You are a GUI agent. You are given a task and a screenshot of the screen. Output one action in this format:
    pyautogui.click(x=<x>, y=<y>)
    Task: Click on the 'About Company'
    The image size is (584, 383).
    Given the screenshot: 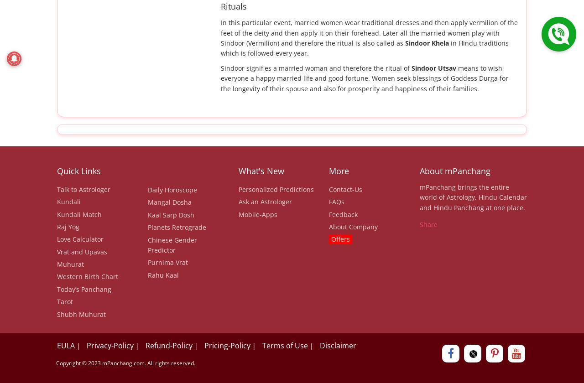 What is the action you would take?
    pyautogui.click(x=353, y=226)
    